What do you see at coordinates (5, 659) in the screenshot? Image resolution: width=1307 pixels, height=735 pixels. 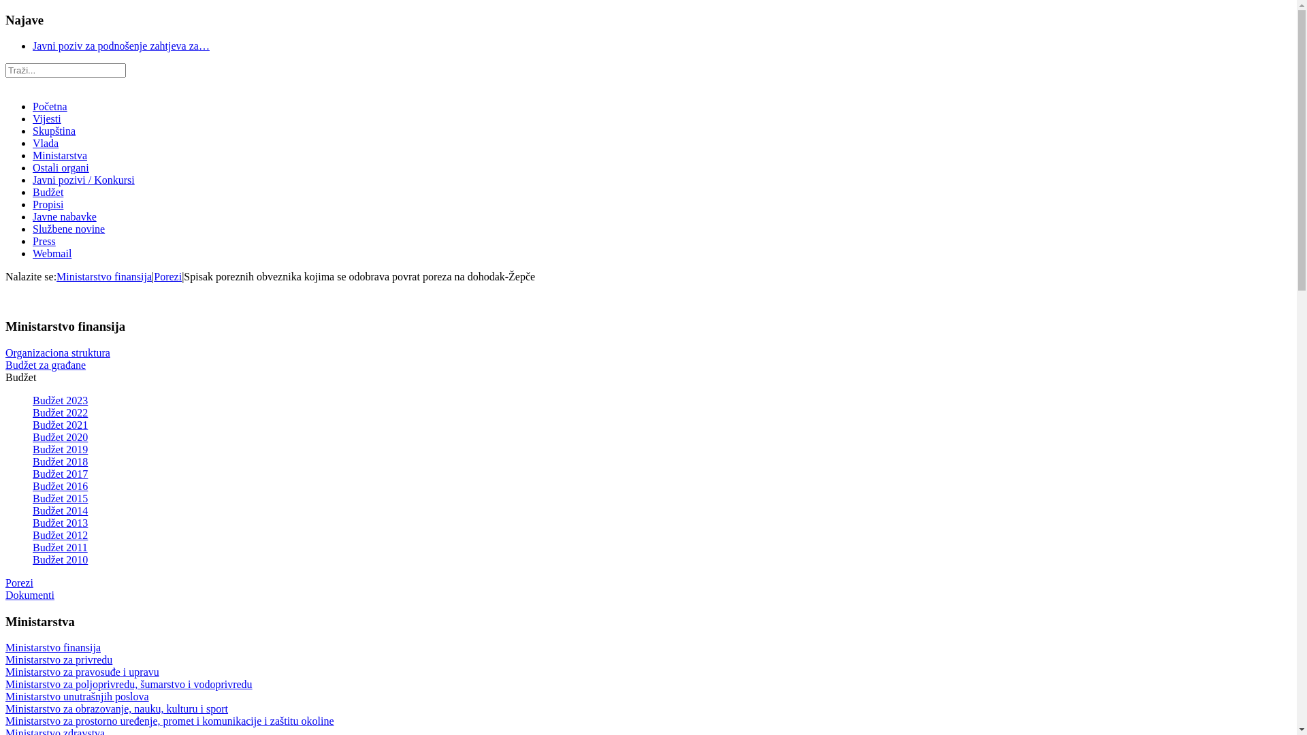 I see `'Ministarstvo za privredu'` at bounding box center [5, 659].